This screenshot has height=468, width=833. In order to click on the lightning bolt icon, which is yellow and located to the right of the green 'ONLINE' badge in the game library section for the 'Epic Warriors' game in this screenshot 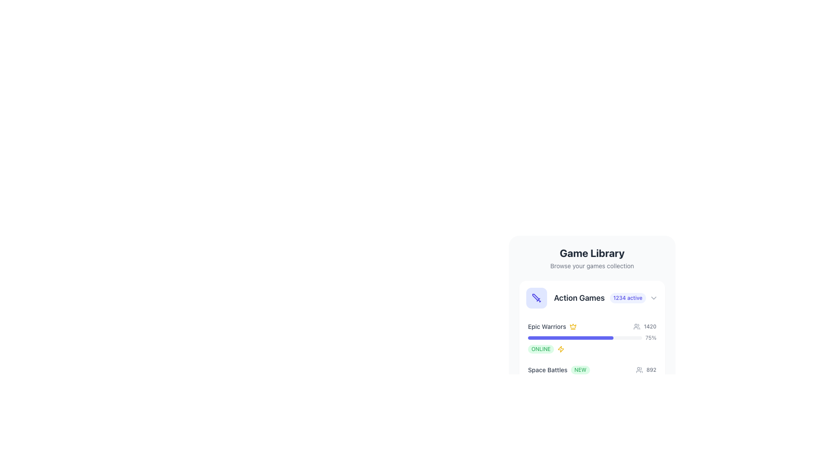, I will do `click(561, 349)`.